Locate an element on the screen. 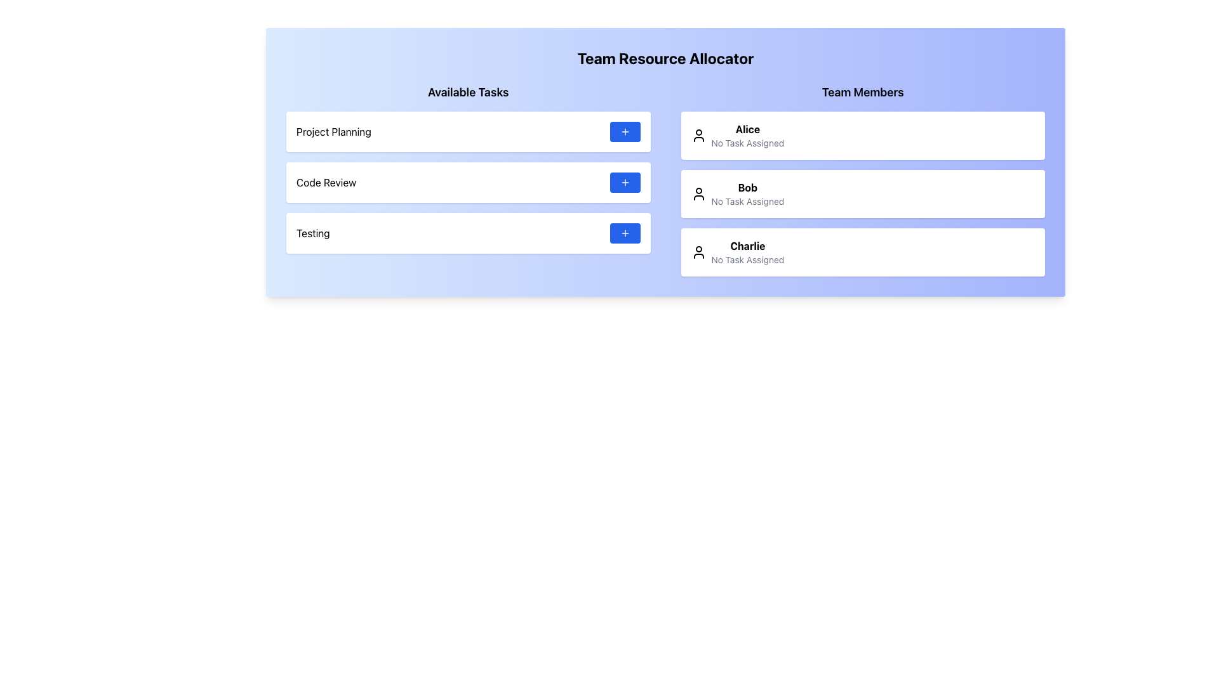 The width and height of the screenshot is (1219, 685). the first button in the 'Available Tasks' section to the right of 'Project Planning' is located at coordinates (625, 132).